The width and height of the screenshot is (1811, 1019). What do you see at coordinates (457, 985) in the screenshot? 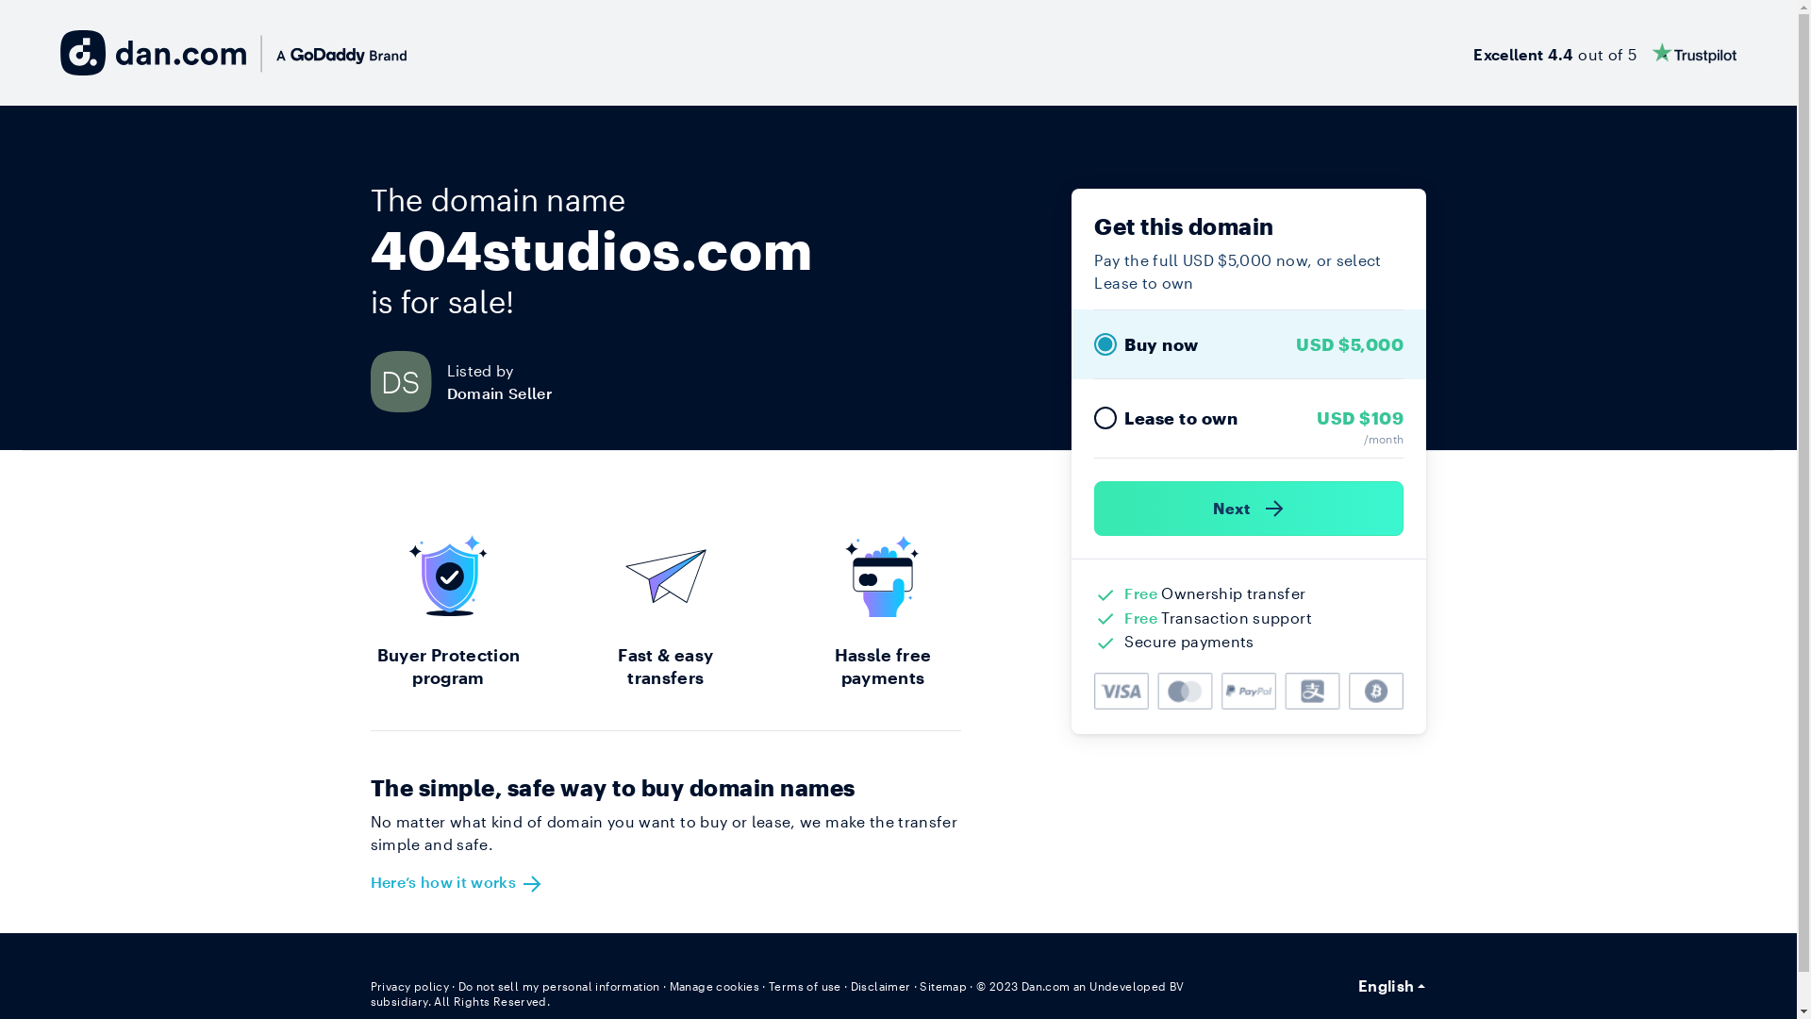
I see `'Do not sell my personal information'` at bounding box center [457, 985].